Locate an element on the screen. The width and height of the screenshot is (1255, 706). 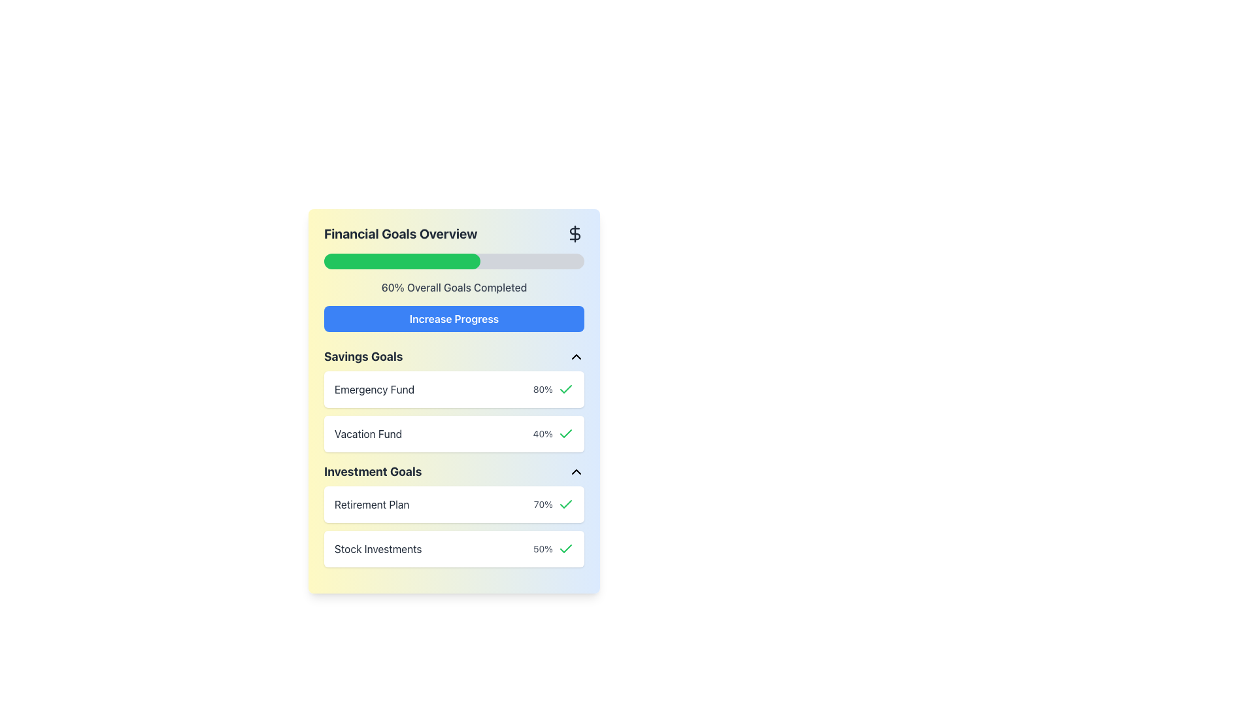
the text element that labels the section related to savings goals, located beneath the 'Increase Progress' button and above the 'Emergency Fund' and 'Vacation Fund' items is located at coordinates (363, 357).